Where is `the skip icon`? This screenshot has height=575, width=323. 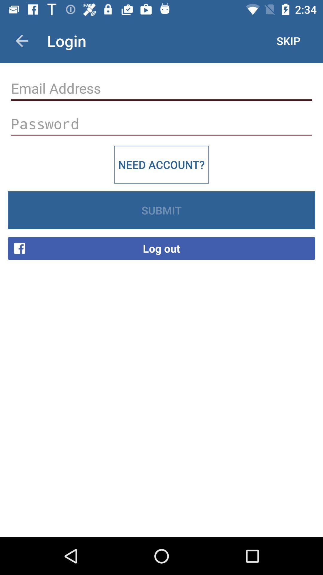
the skip icon is located at coordinates (288, 40).